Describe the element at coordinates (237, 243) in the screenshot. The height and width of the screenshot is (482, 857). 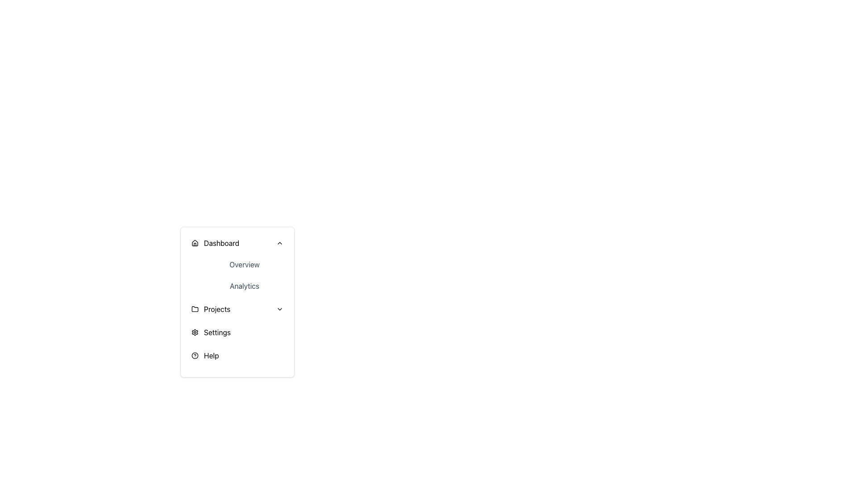
I see `the navigation button at the top of the left menu` at that location.